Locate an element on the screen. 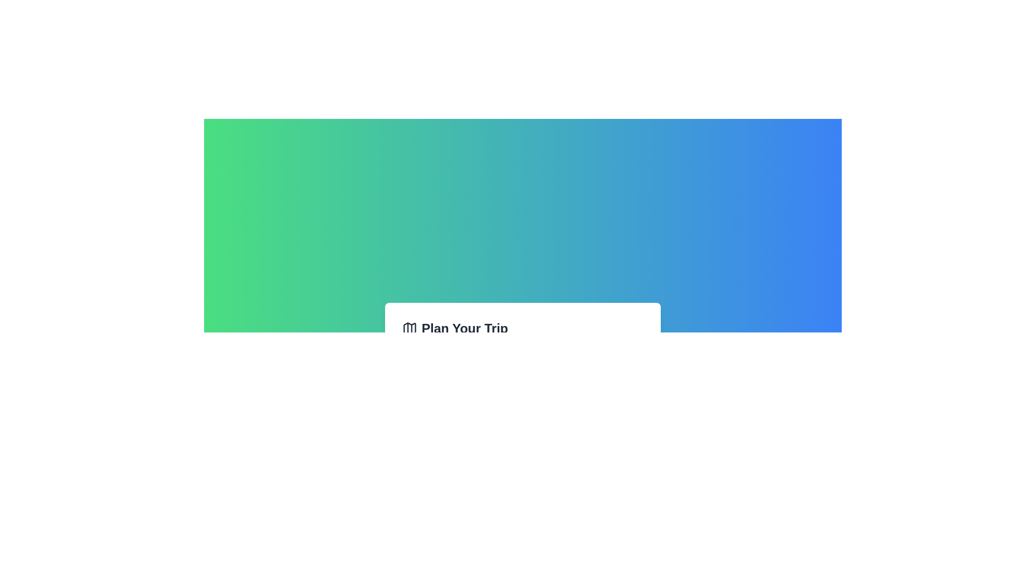 The height and width of the screenshot is (581, 1034). the map icon located in the 'Plan Your Trip' header, which is styled in a solid dark gray color and positioned to the left of the header text is located at coordinates (409, 328).